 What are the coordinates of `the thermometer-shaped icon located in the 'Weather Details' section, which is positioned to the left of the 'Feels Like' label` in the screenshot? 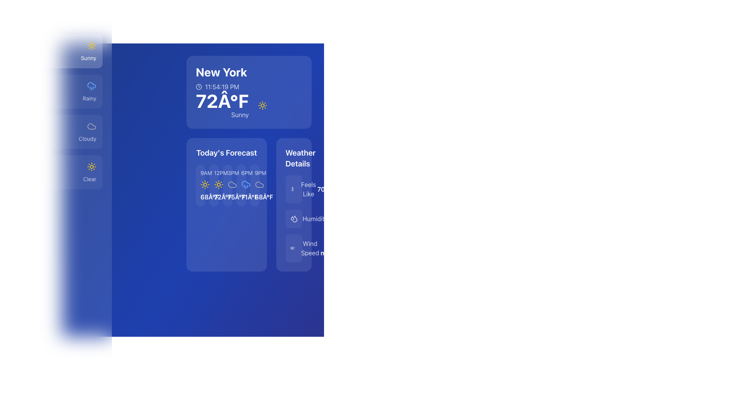 It's located at (293, 189).